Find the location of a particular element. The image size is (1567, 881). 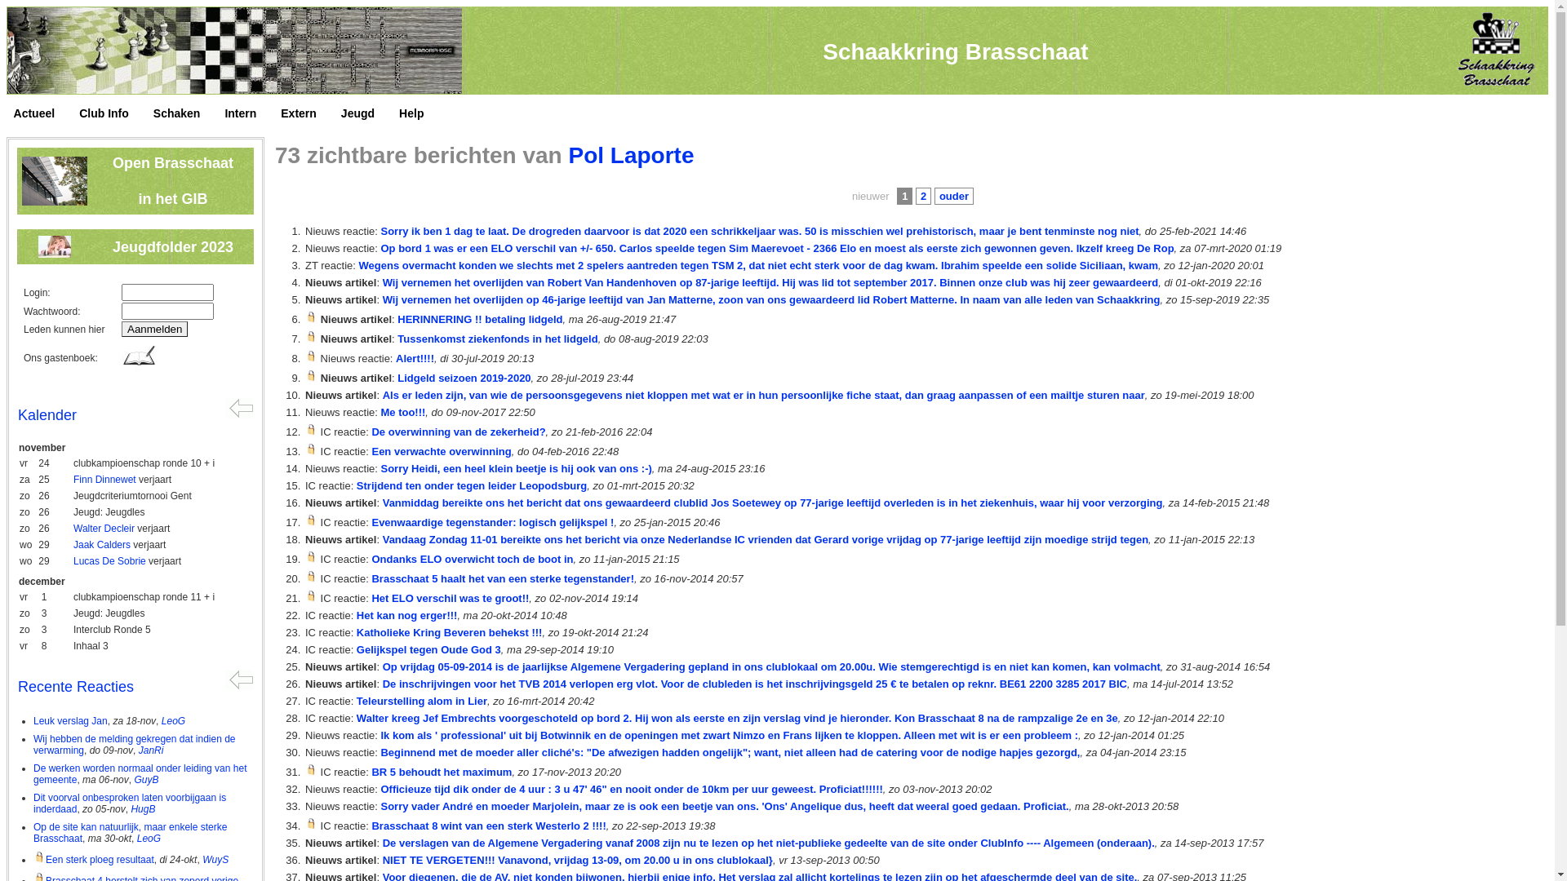

'1' is located at coordinates (896, 195).